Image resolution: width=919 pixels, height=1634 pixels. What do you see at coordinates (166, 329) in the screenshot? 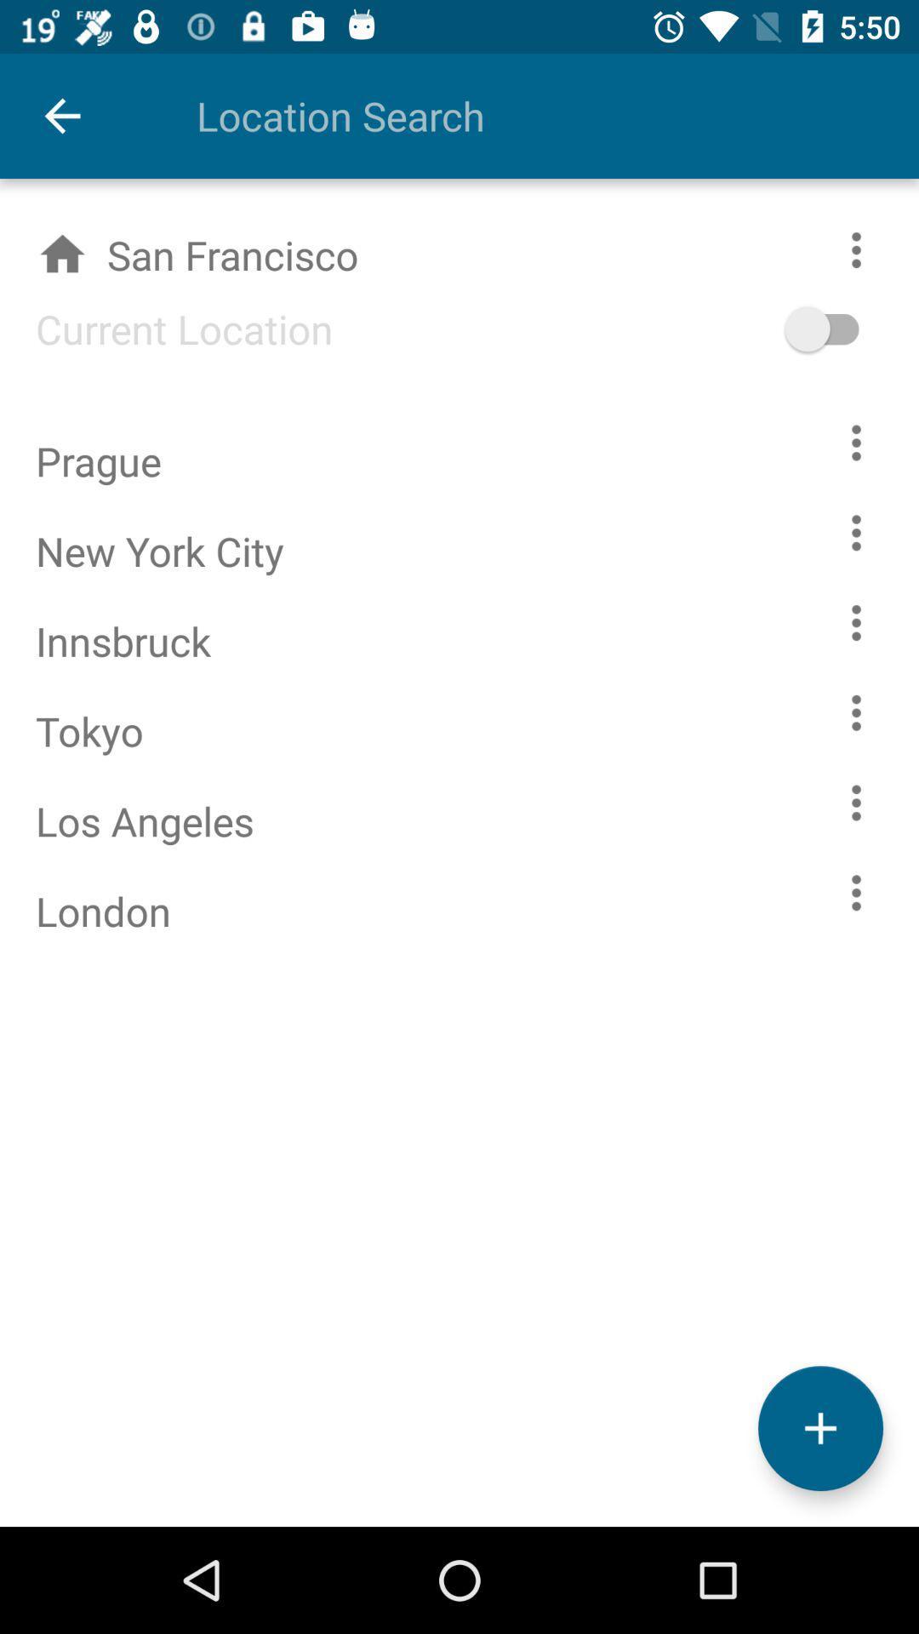
I see `the current location` at bounding box center [166, 329].